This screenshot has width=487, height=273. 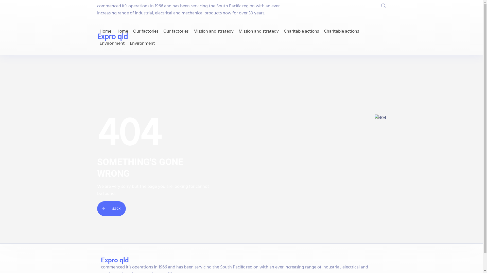 What do you see at coordinates (142, 43) in the screenshot?
I see `'Environment'` at bounding box center [142, 43].